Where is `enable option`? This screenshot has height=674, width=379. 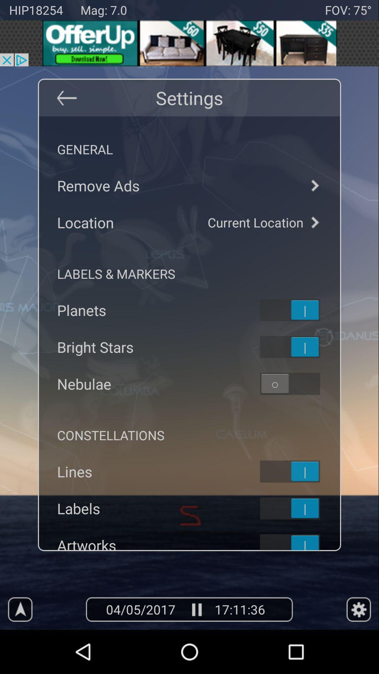
enable option is located at coordinates (299, 383).